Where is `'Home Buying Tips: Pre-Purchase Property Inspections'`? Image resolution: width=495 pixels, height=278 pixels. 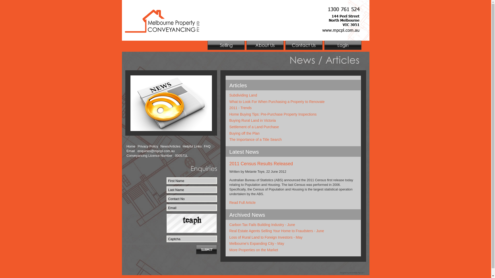
'Home Buying Tips: Pre-Purchase Property Inspections' is located at coordinates (273, 114).